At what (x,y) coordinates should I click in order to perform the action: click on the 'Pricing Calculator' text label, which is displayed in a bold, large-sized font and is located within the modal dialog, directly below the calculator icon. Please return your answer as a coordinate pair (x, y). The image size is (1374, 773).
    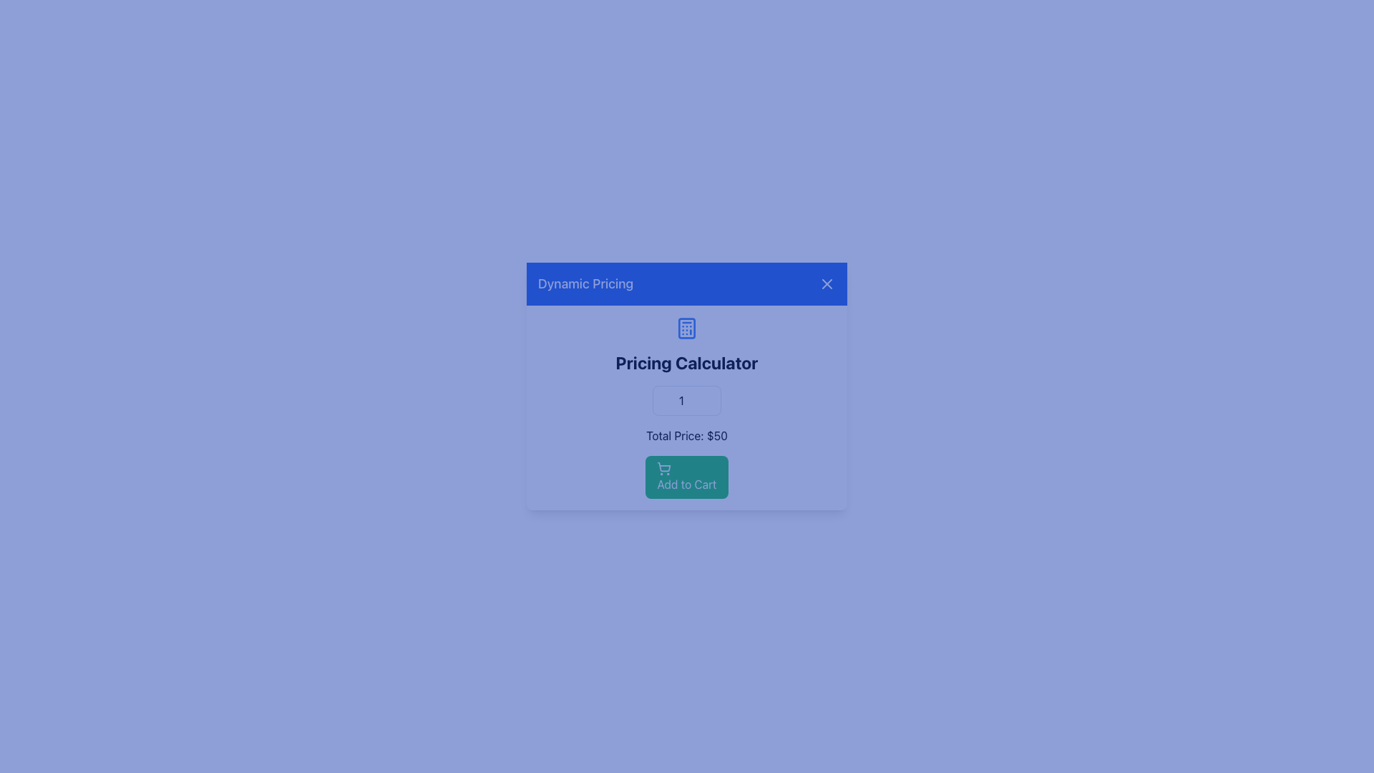
    Looking at the image, I should click on (687, 361).